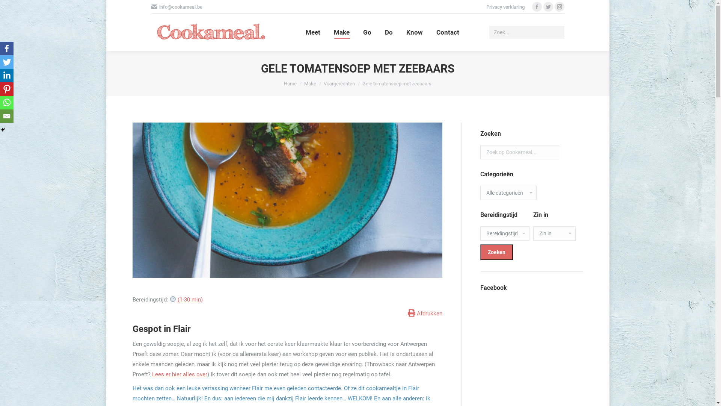 This screenshot has height=406, width=721. What do you see at coordinates (290, 83) in the screenshot?
I see `'Home'` at bounding box center [290, 83].